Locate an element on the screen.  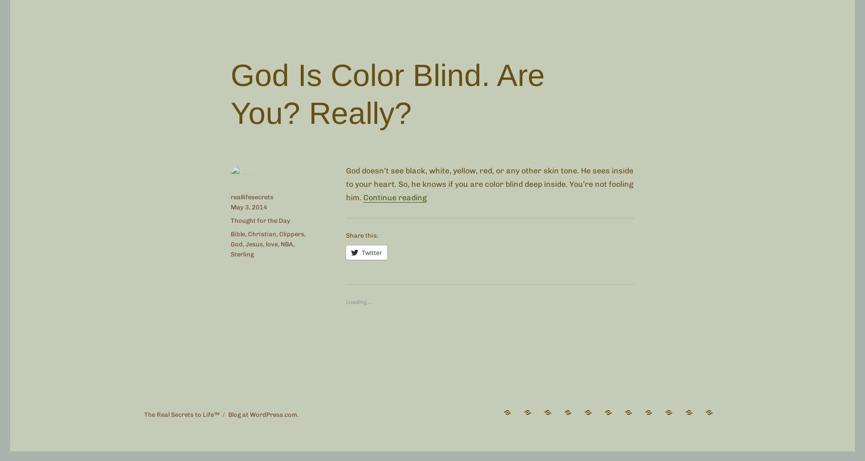
'Share this:' is located at coordinates (361, 235).